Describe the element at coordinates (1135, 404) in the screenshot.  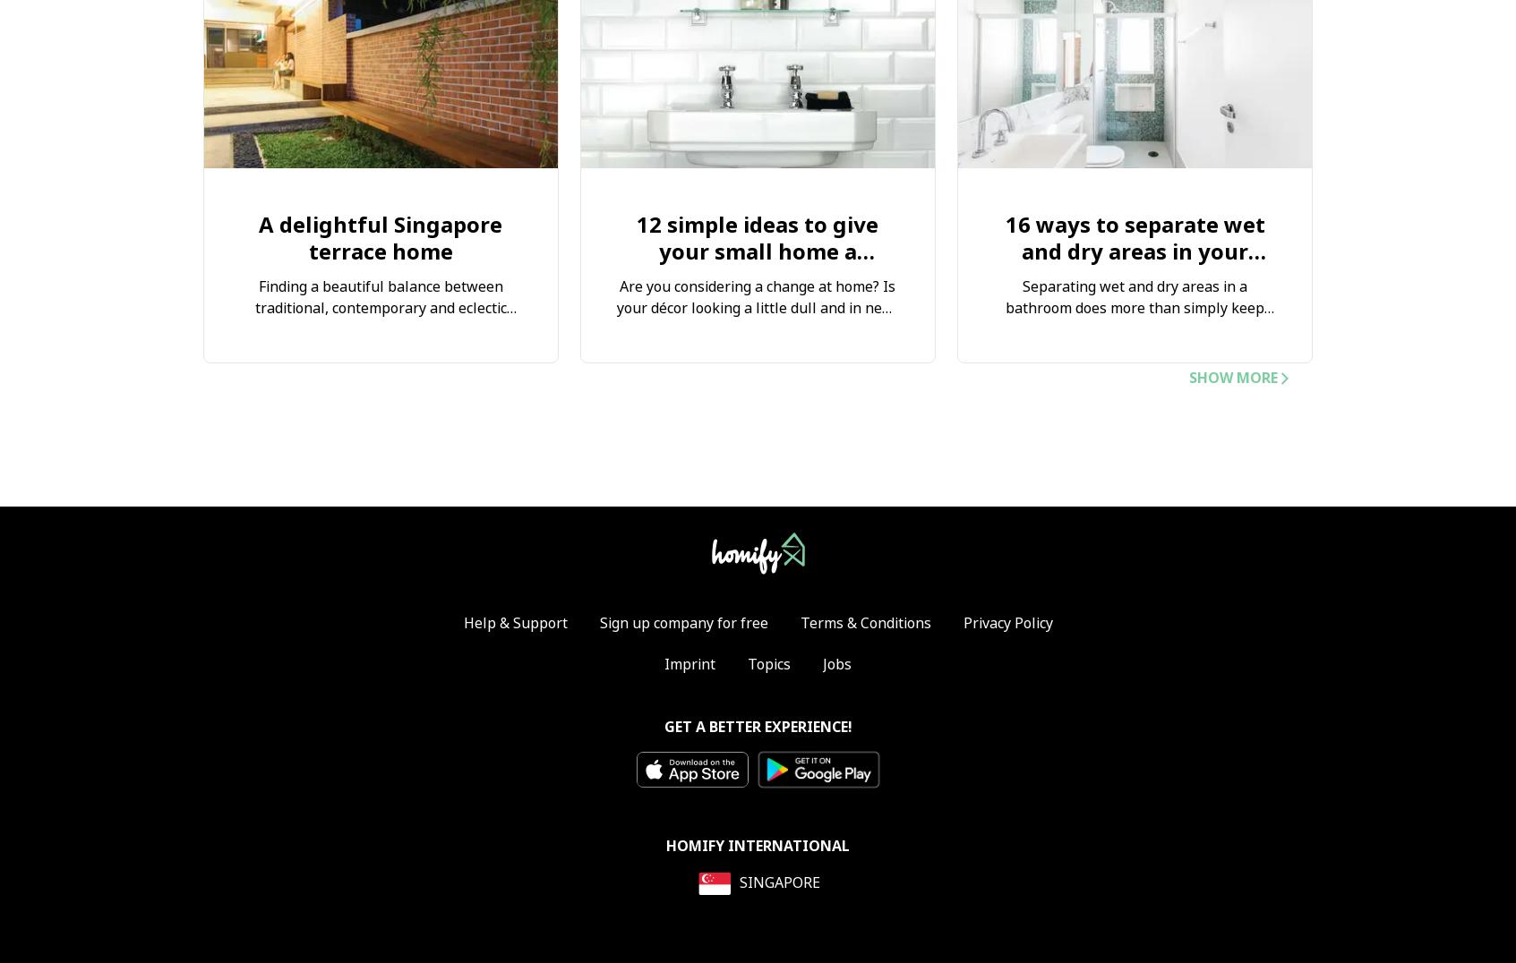
I see `'If you'd like a little inspiration, we've gathered 16 great examples that offer stylish and enviable spaces. Check them out below...'` at that location.